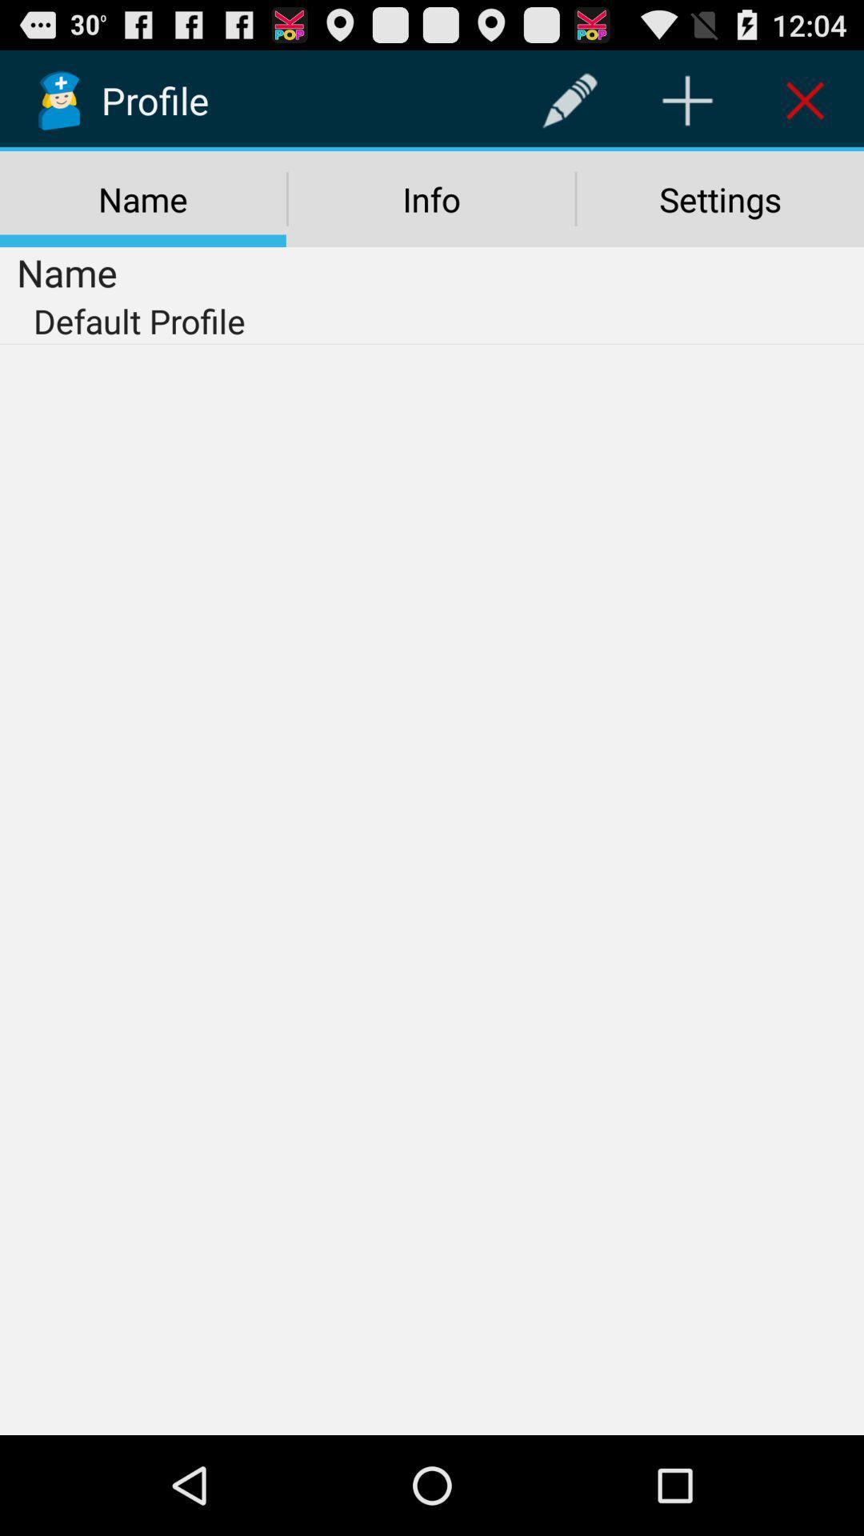 Image resolution: width=864 pixels, height=1536 pixels. Describe the element at coordinates (430, 198) in the screenshot. I see `item next to name item` at that location.